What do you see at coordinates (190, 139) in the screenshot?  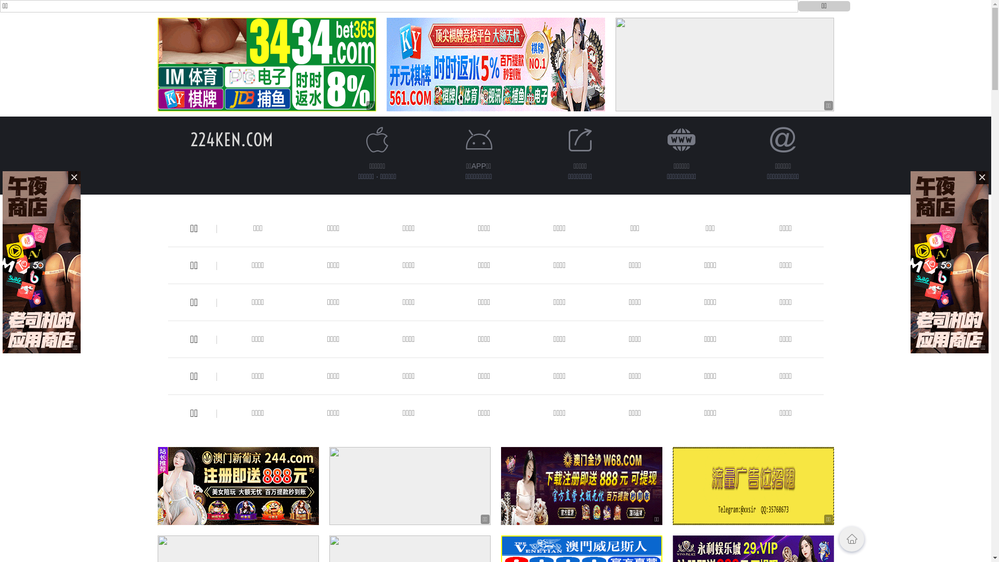 I see `'224KEN.COM'` at bounding box center [190, 139].